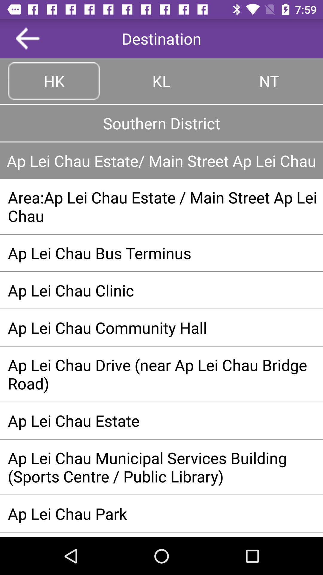 The height and width of the screenshot is (575, 323). Describe the element at coordinates (28, 38) in the screenshot. I see `left of destination` at that location.